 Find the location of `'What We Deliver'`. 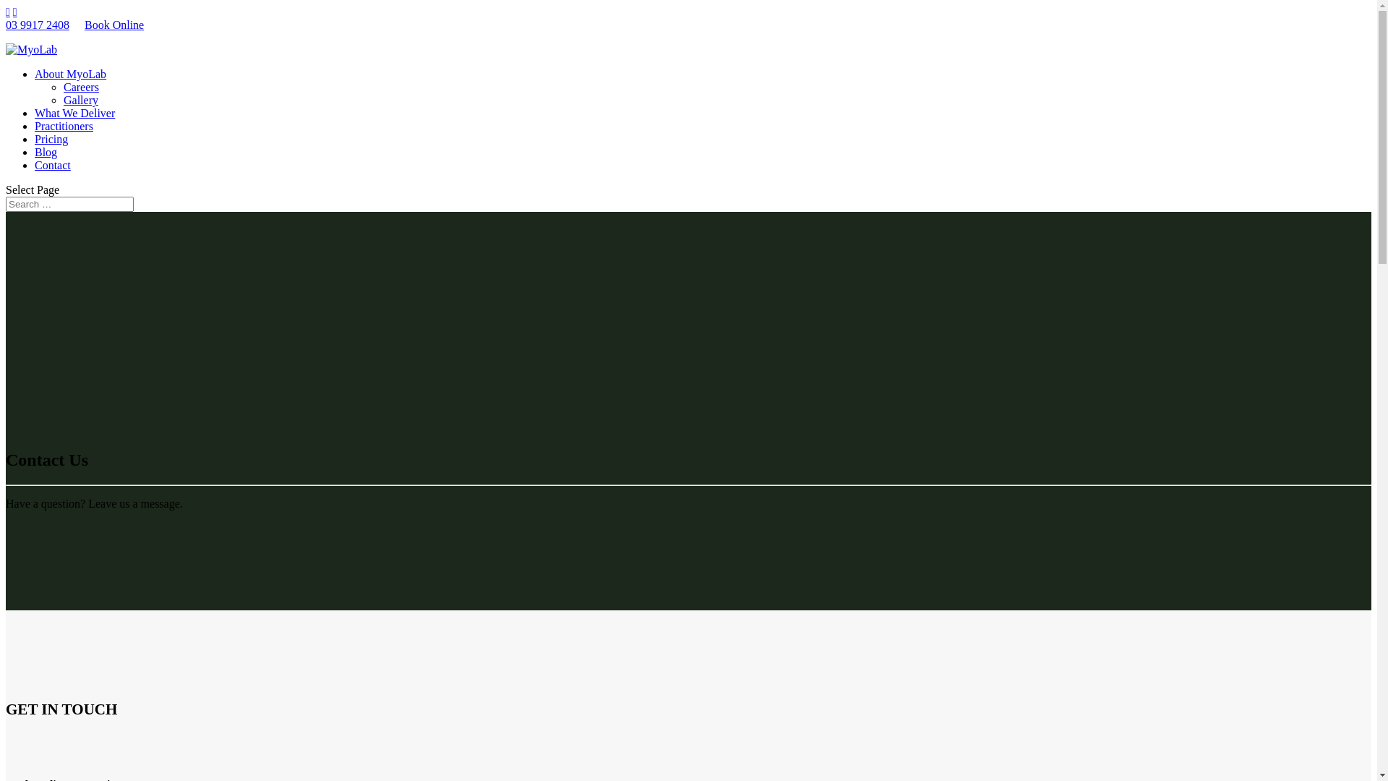

'What We Deliver' is located at coordinates (74, 112).